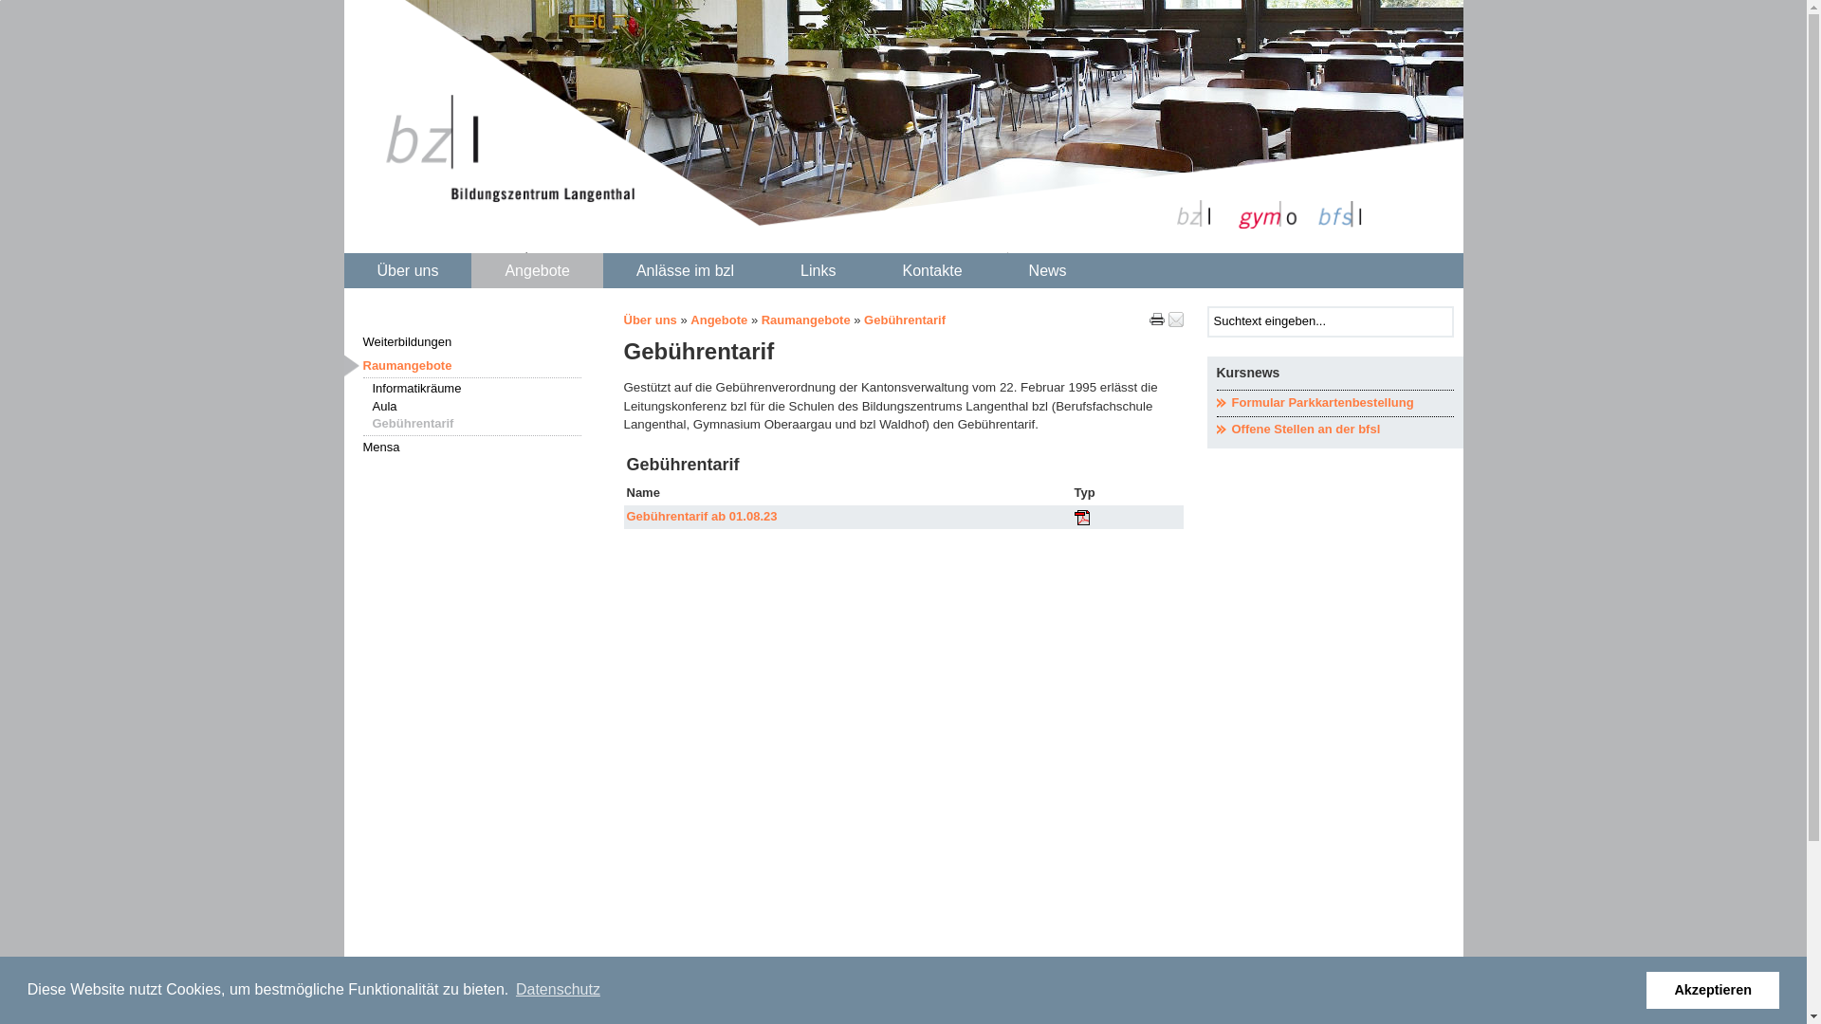 The image size is (1821, 1024). What do you see at coordinates (557, 989) in the screenshot?
I see `'Datenschutz'` at bounding box center [557, 989].